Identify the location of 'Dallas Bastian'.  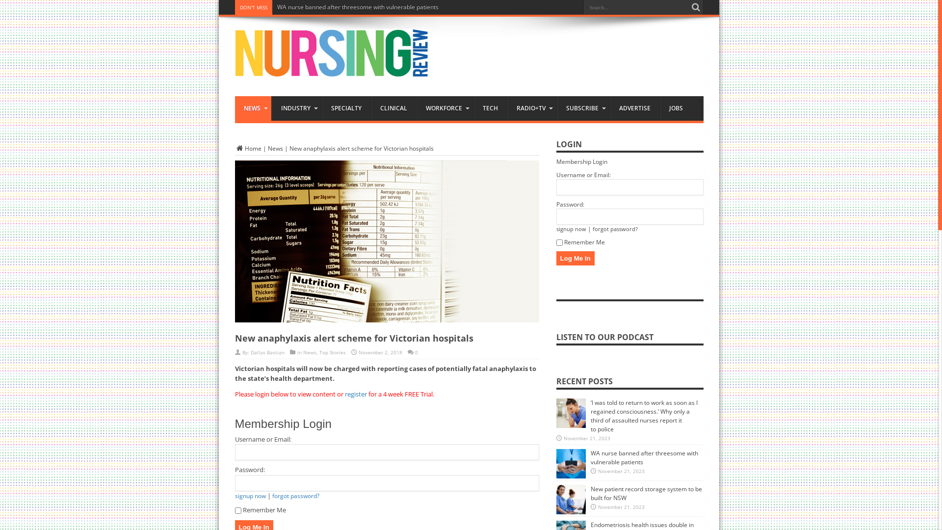
(267, 351).